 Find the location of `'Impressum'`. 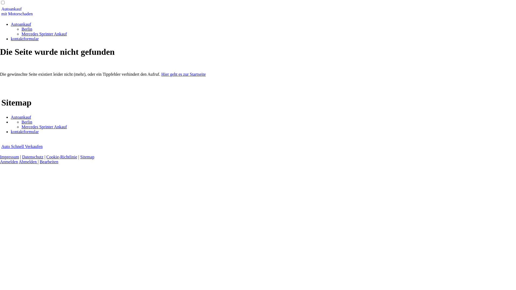

'Impressum' is located at coordinates (9, 157).